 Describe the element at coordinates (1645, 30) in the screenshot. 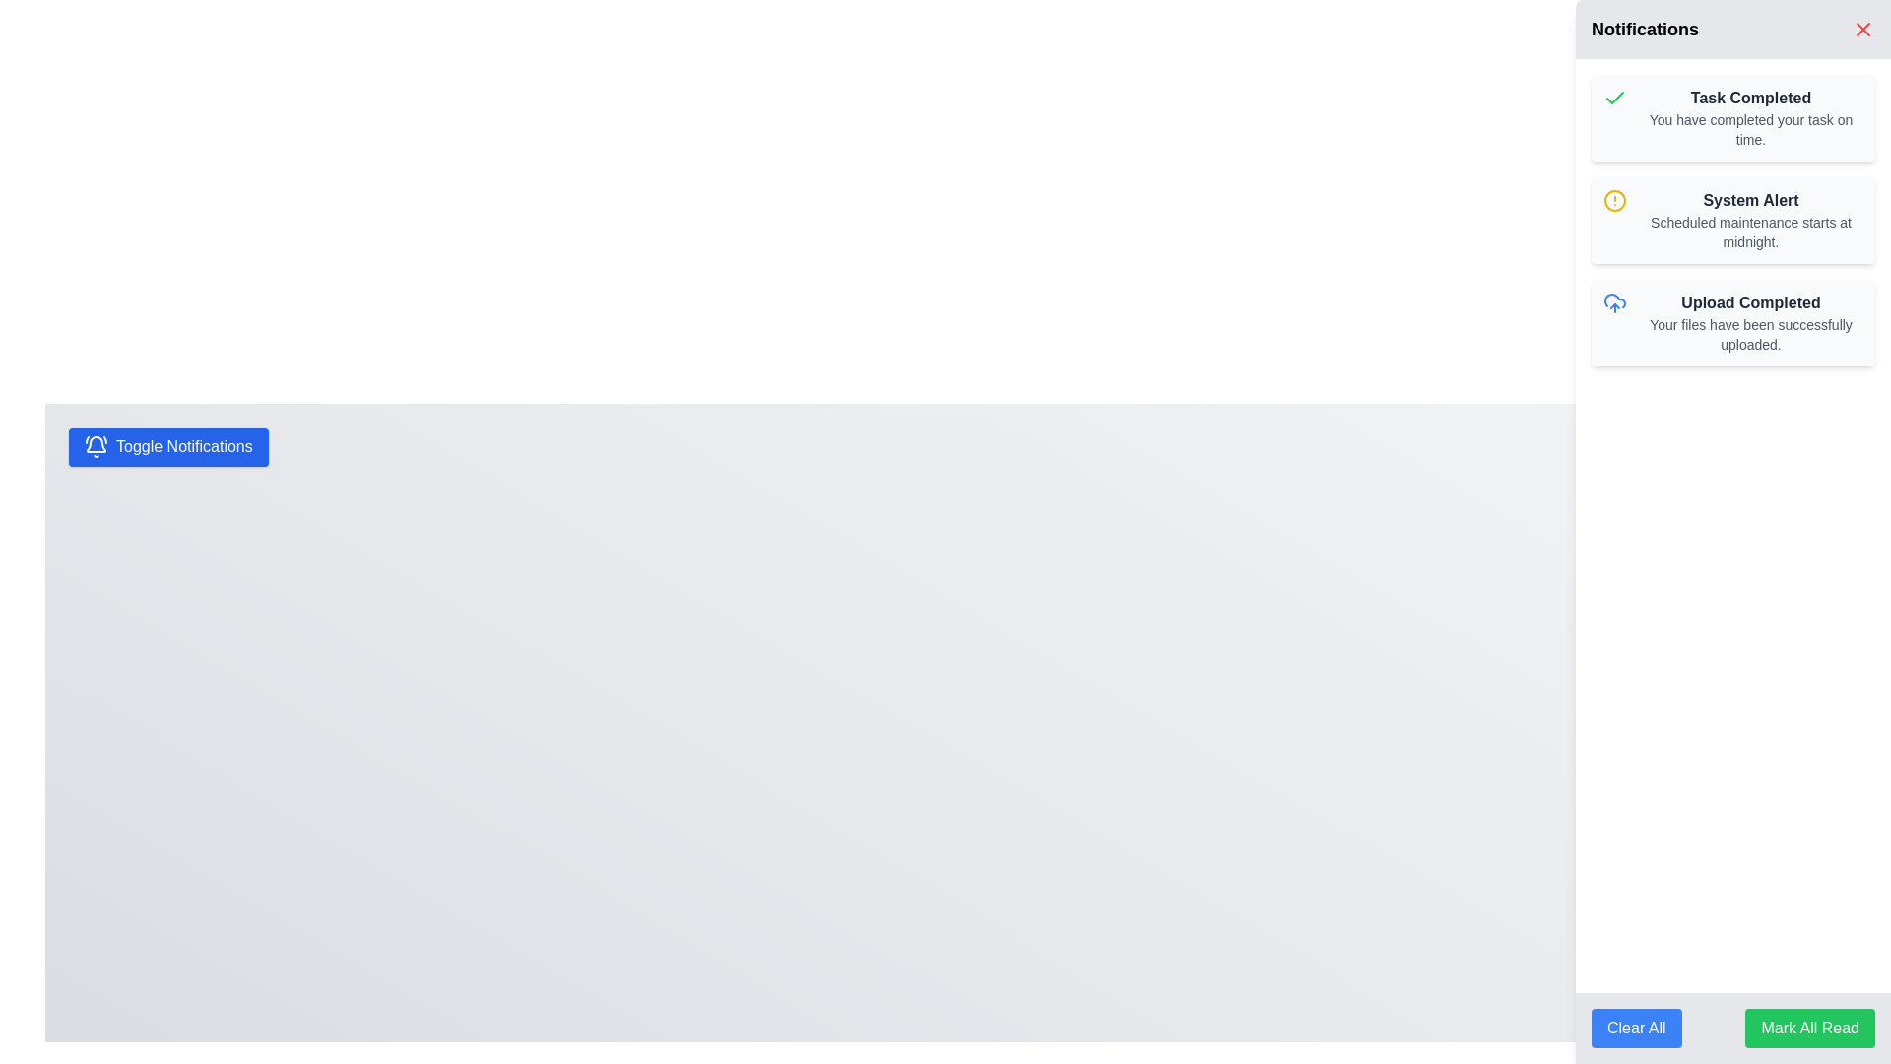

I see `the 'Notifications' text label, which is a bold, large black font aligned to the top-left corner of the notification popup window` at that location.